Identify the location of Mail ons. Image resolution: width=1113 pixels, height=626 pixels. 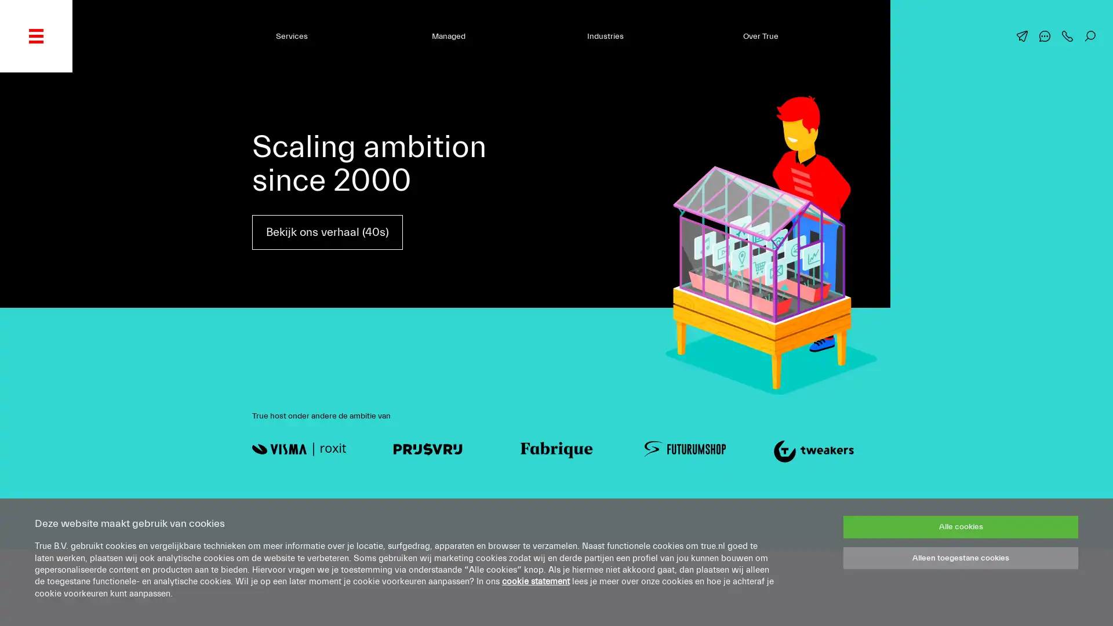
(1028, 35).